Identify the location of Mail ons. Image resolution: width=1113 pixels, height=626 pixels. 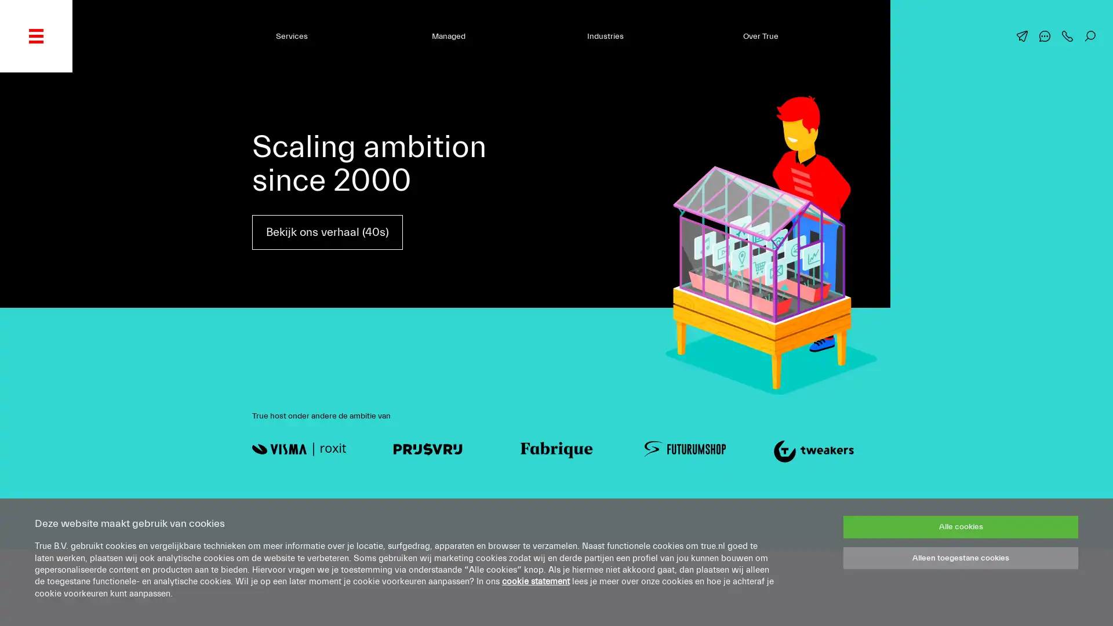
(1028, 35).